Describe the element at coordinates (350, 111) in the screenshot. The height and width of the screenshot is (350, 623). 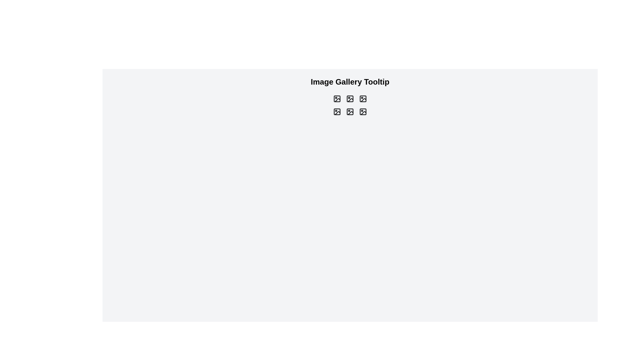
I see `graphical placeholder or icon located in the second row and second column of the grid layout beneath the 'Image Gallery Tooltip' title` at that location.